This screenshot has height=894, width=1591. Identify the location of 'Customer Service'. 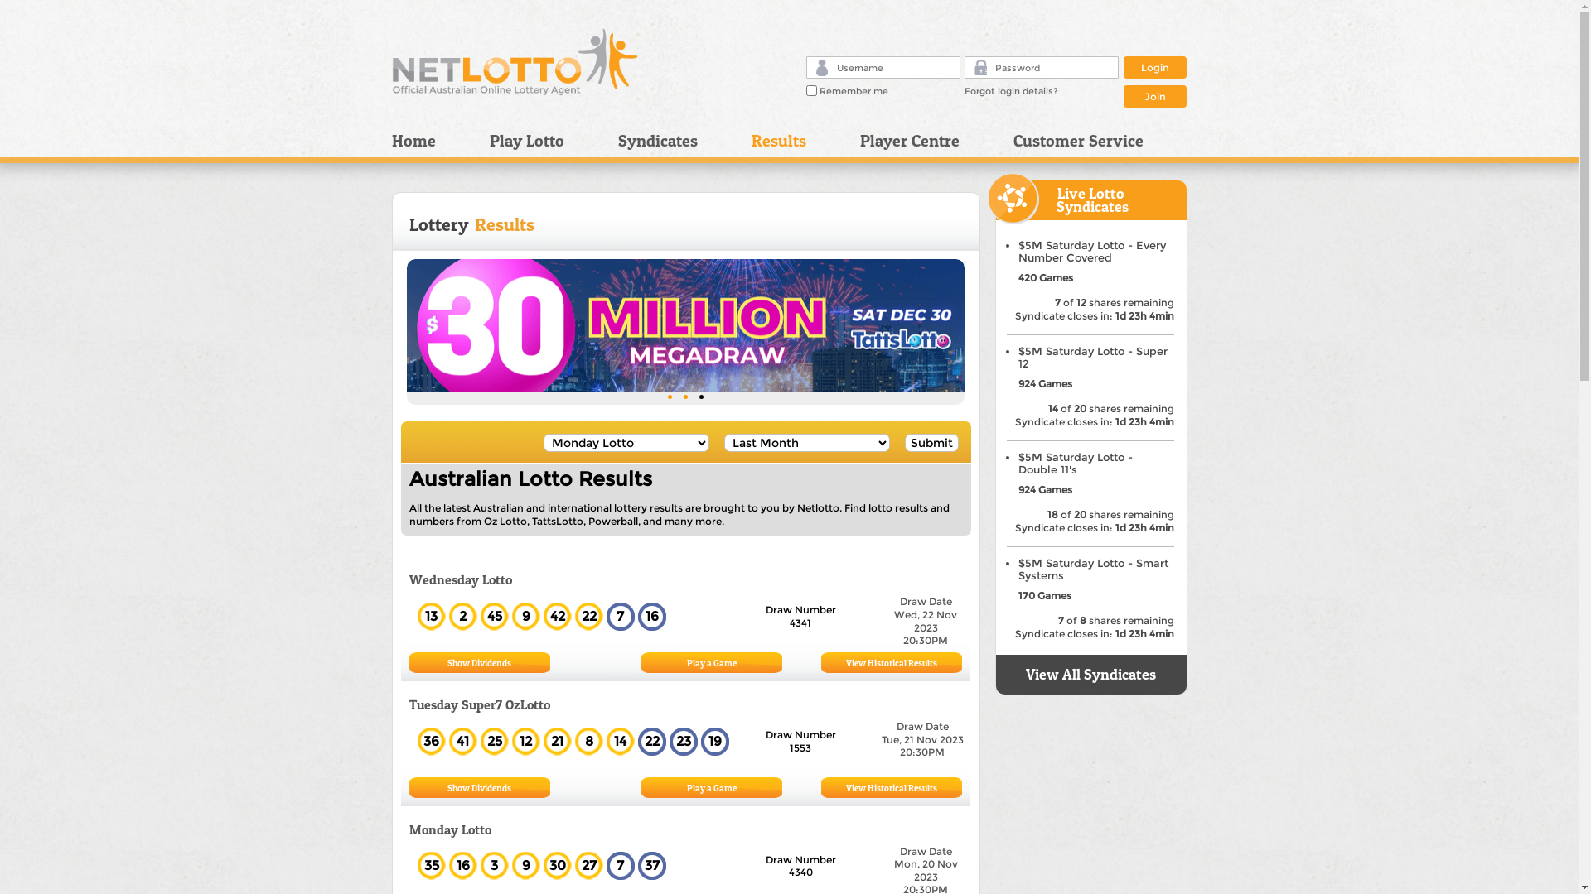
(1072, 139).